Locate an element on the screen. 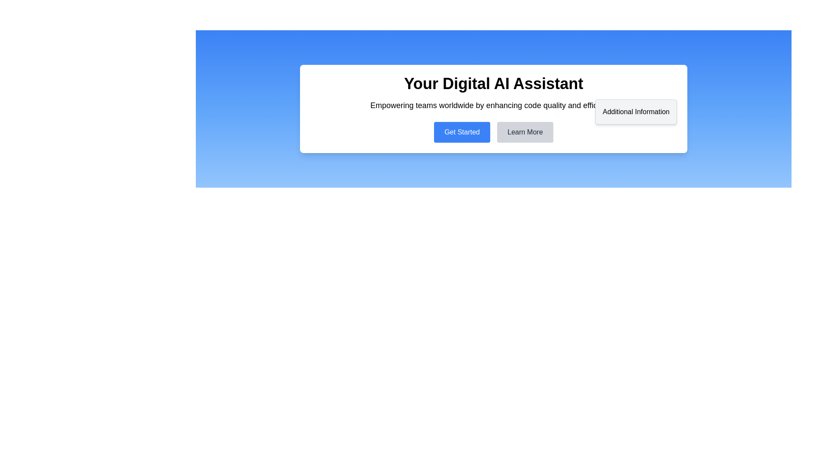 The width and height of the screenshot is (830, 467). the descriptive text element located directly below the heading 'Your Digital AI Assistant' and above the buttons 'Get Started' and 'Learn More' is located at coordinates (494, 105).